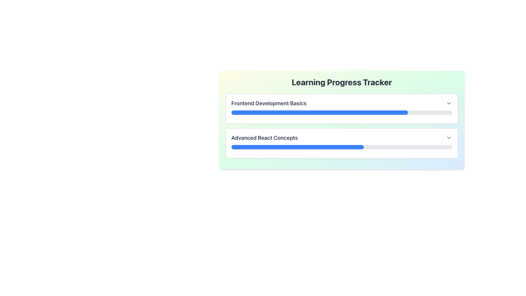 This screenshot has width=526, height=296. What do you see at coordinates (264, 137) in the screenshot?
I see `the text element 'Advanced React Concepts', which is a bold header in dark gray color above the blue progress bar` at bounding box center [264, 137].